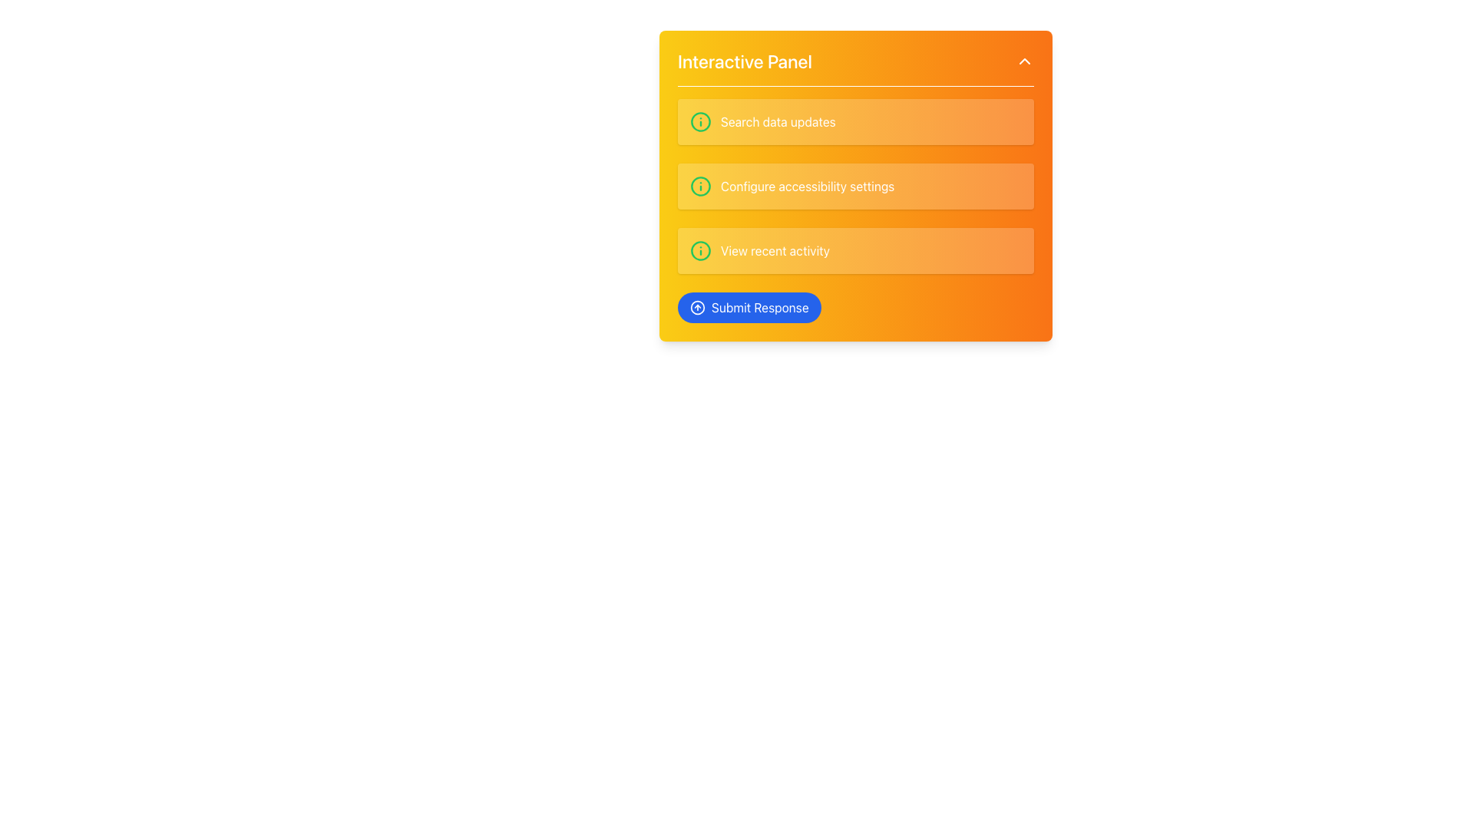  What do you see at coordinates (854, 210) in the screenshot?
I see `the text label 'Configure accessibility settings' with an icon, which is the second item in the vertical list within the 'Interactive Panel'` at bounding box center [854, 210].